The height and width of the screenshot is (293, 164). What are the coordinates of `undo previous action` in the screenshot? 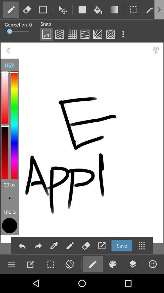 It's located at (22, 246).